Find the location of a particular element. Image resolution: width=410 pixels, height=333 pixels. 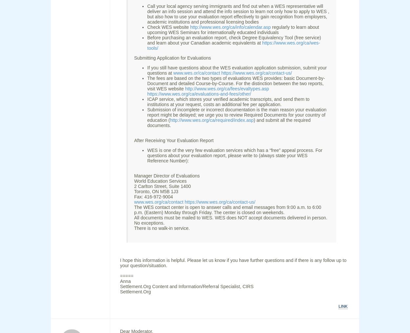

'=====' is located at coordinates (127, 275).